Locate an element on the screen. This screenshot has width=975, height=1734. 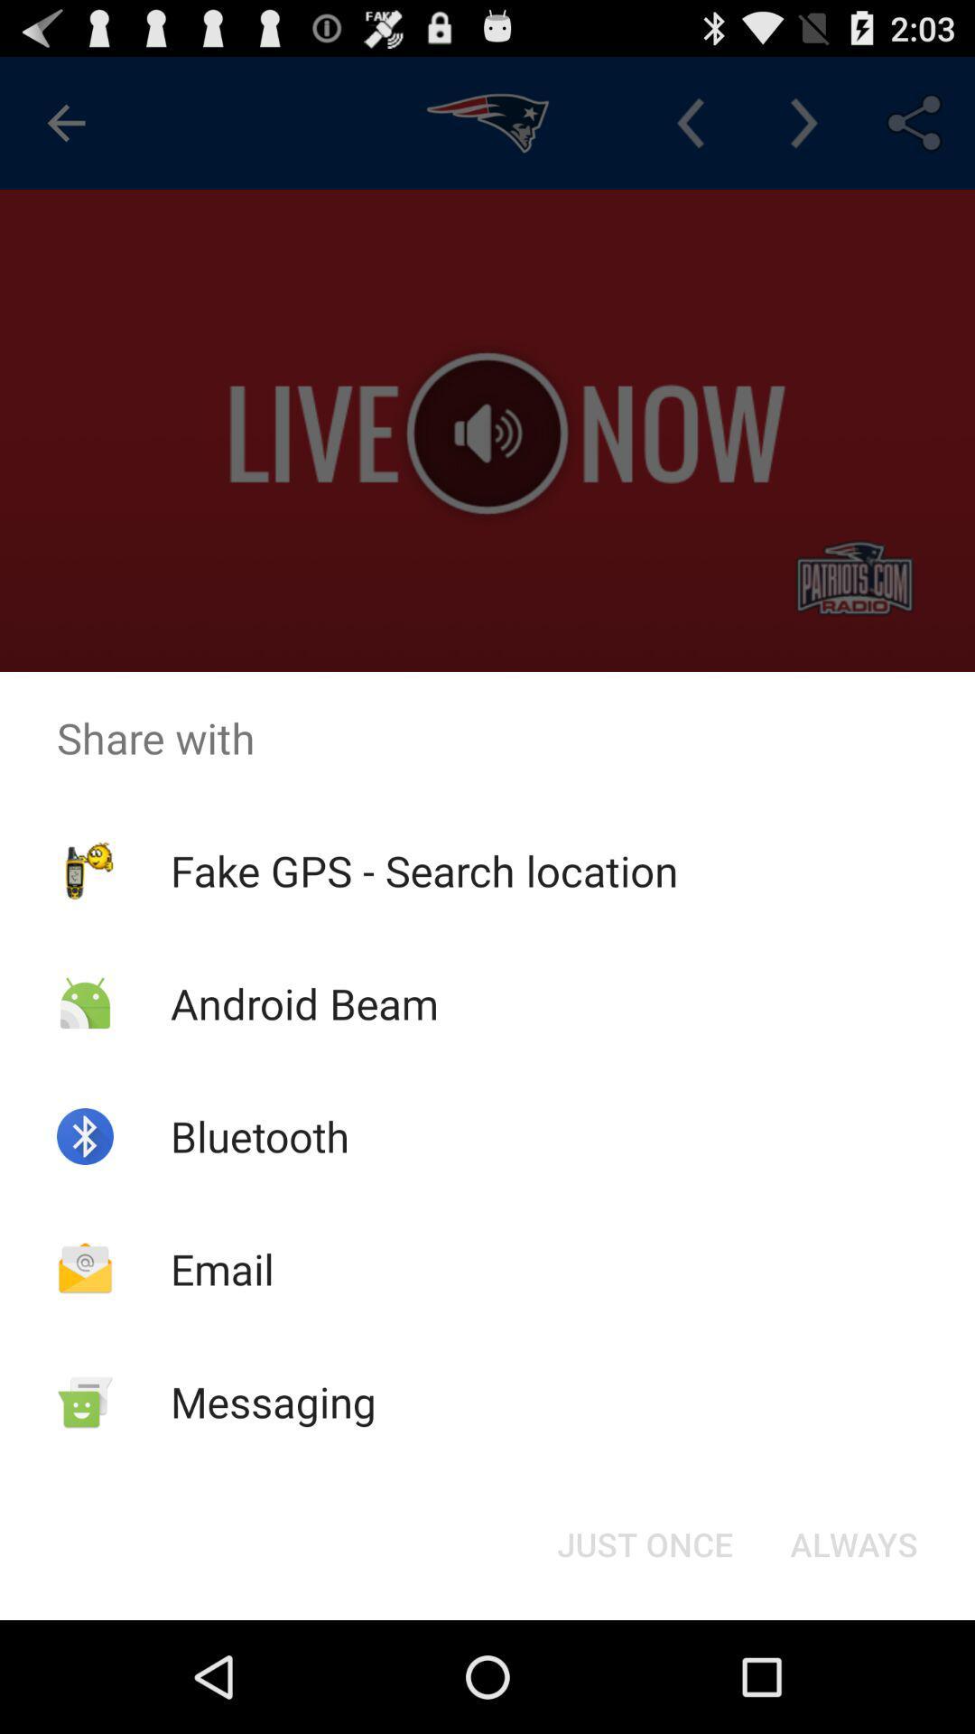
bluetooth item is located at coordinates (260, 1135).